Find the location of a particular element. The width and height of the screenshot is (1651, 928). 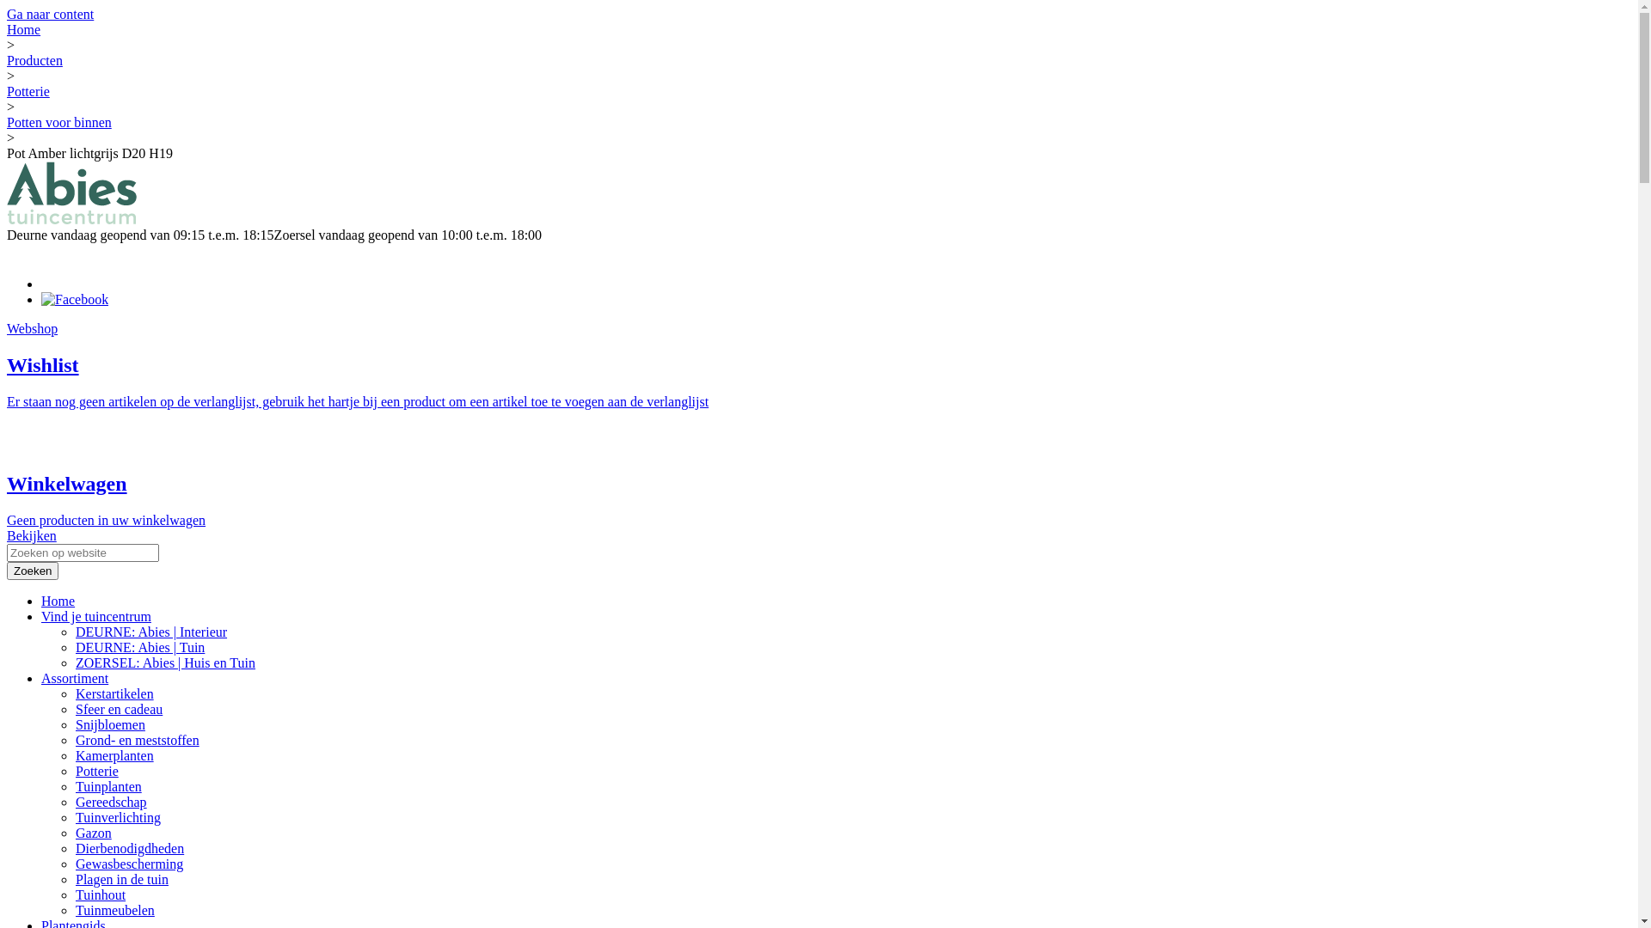

'Kamerplanten' is located at coordinates (114, 754).